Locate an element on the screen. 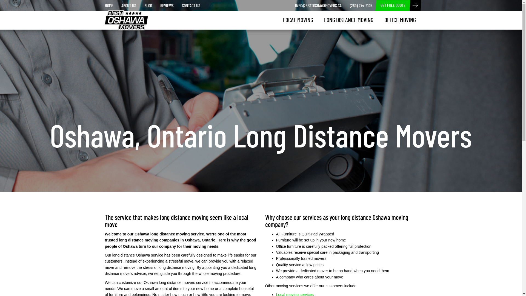  'CONTACT US' is located at coordinates (191, 5).